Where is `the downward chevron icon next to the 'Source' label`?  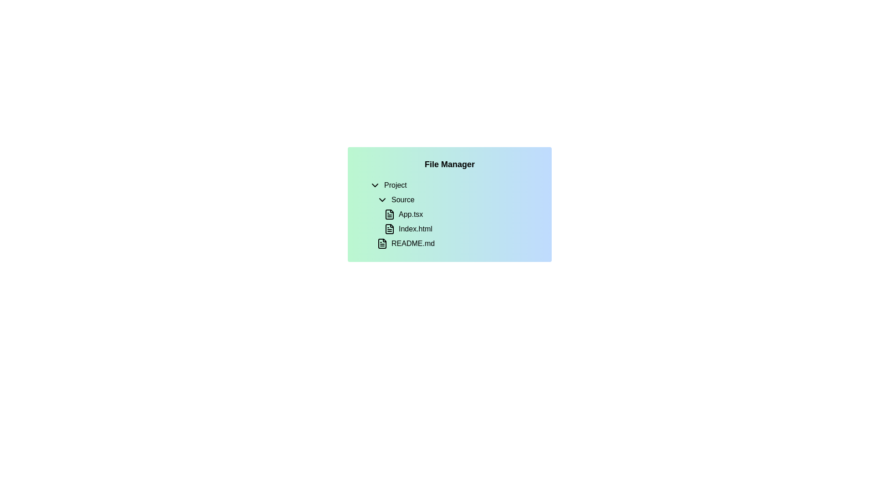
the downward chevron icon next to the 'Source' label is located at coordinates (382, 200).